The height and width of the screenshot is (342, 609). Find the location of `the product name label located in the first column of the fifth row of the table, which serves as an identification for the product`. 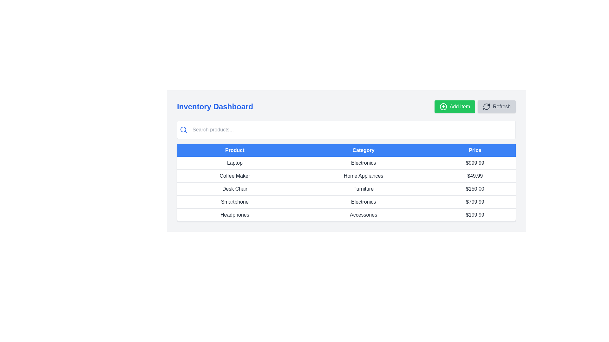

the product name label located in the first column of the fifth row of the table, which serves as an identification for the product is located at coordinates (234, 214).